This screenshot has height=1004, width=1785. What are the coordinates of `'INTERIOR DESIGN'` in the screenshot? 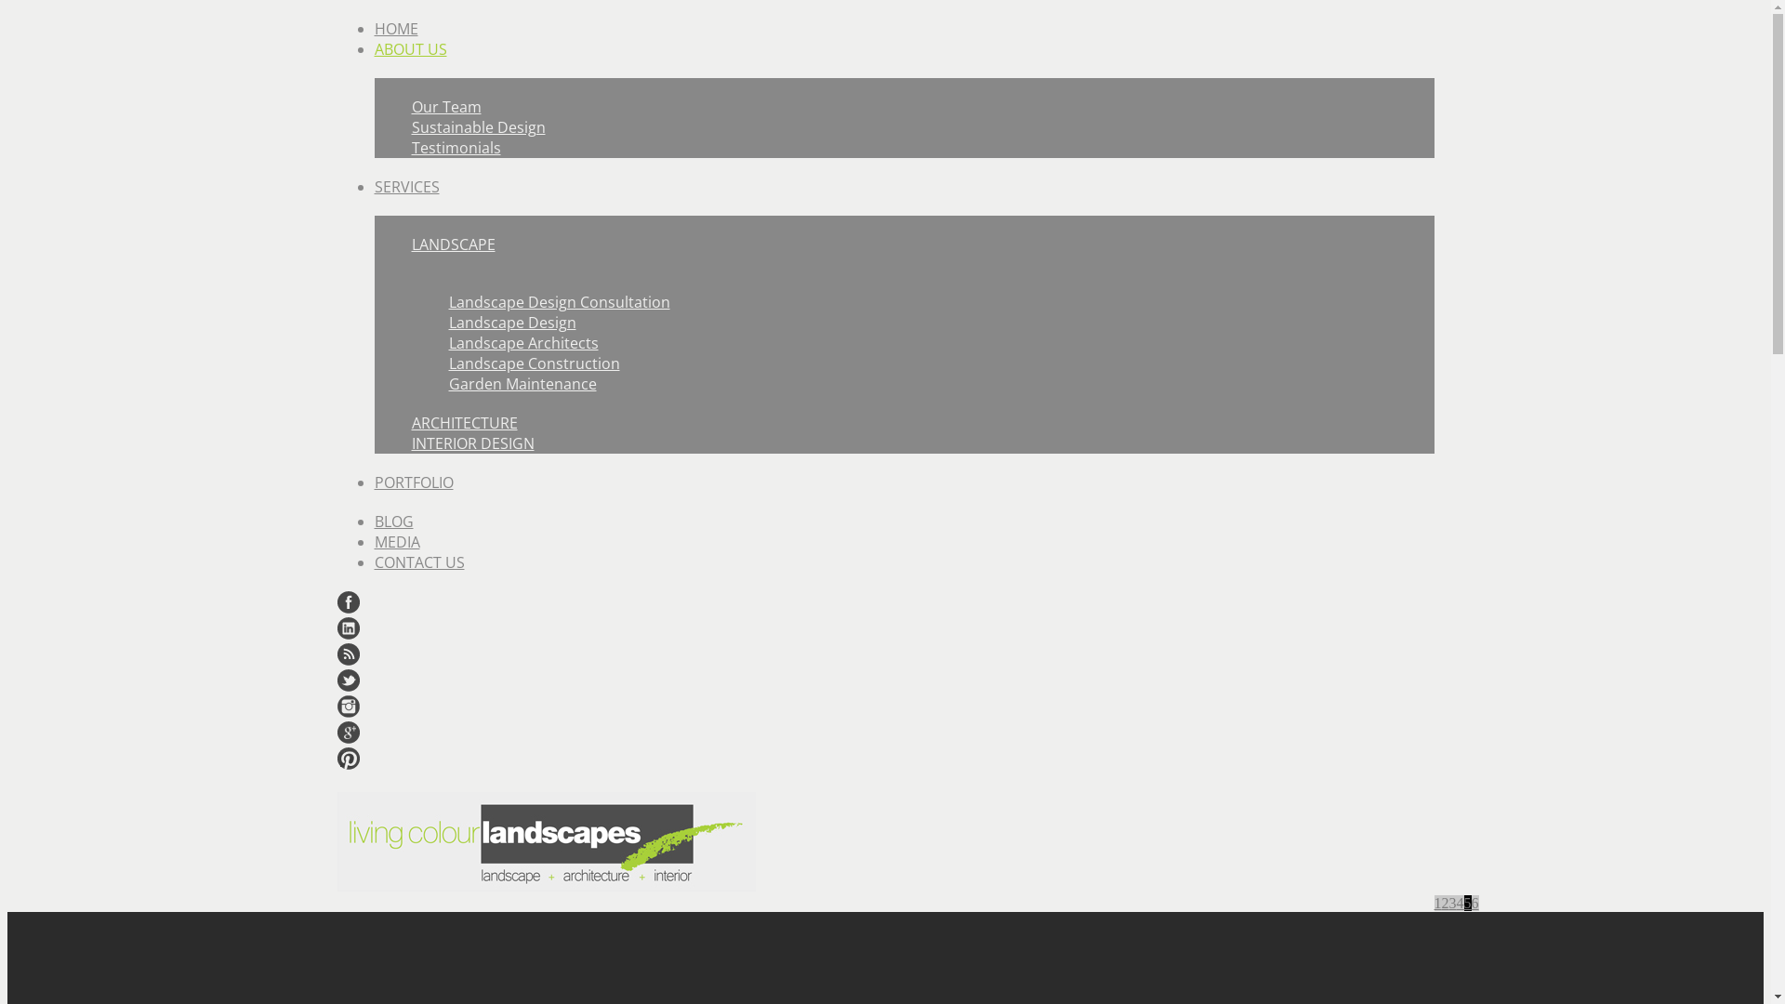 It's located at (472, 443).